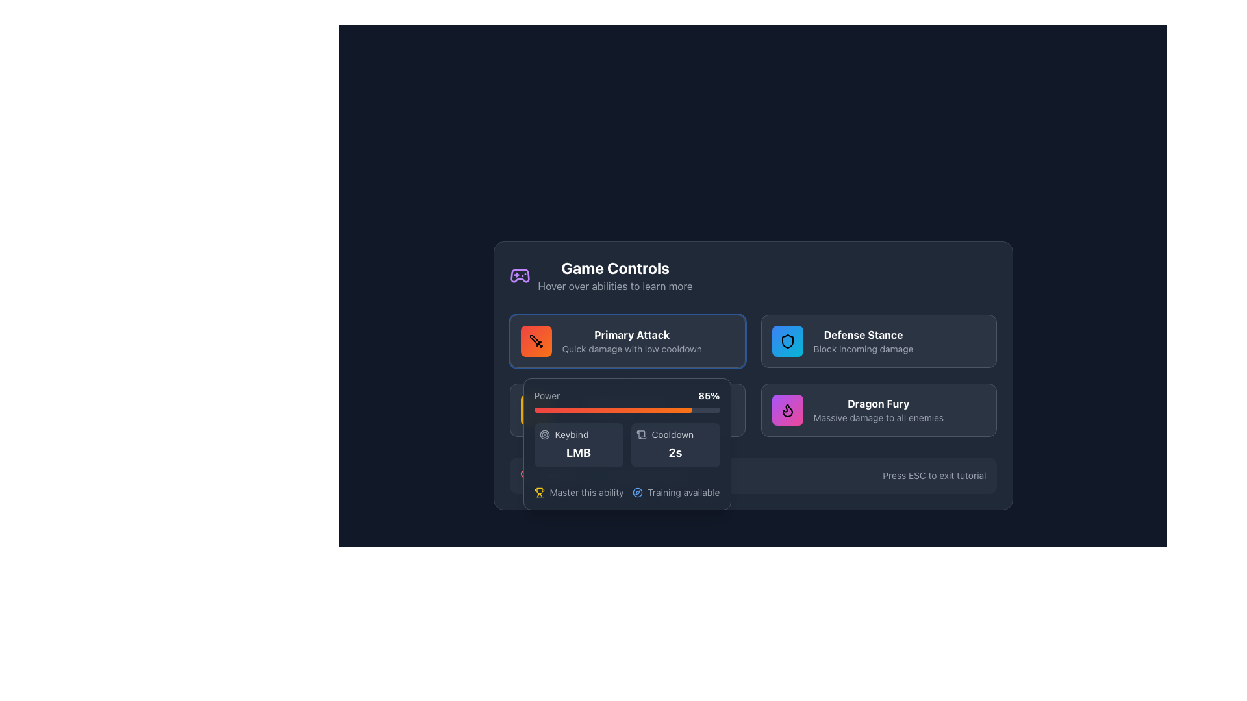  I want to click on the text label that provides information about the cooldown period of the associated ability, located to the right of an SVG icon resembling a scroll and above the numeric value '2s', so click(673, 435).